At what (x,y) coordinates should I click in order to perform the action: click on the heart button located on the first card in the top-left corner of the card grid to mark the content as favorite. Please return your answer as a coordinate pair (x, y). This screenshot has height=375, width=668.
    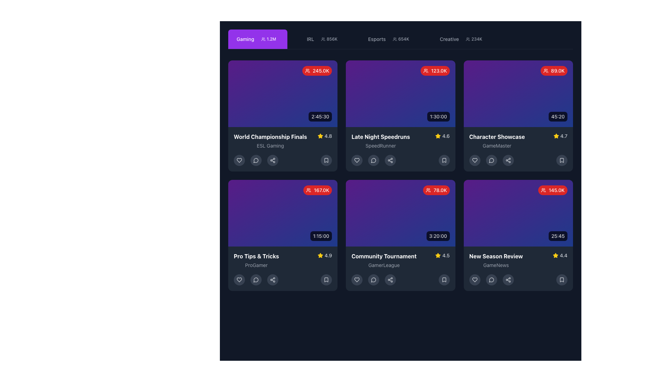
    Looking at the image, I should click on (239, 160).